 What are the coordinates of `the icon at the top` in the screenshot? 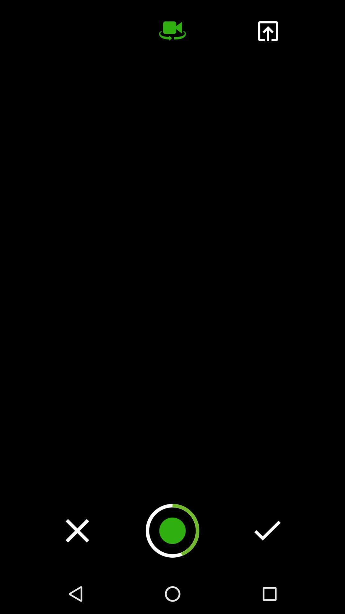 It's located at (172, 31).